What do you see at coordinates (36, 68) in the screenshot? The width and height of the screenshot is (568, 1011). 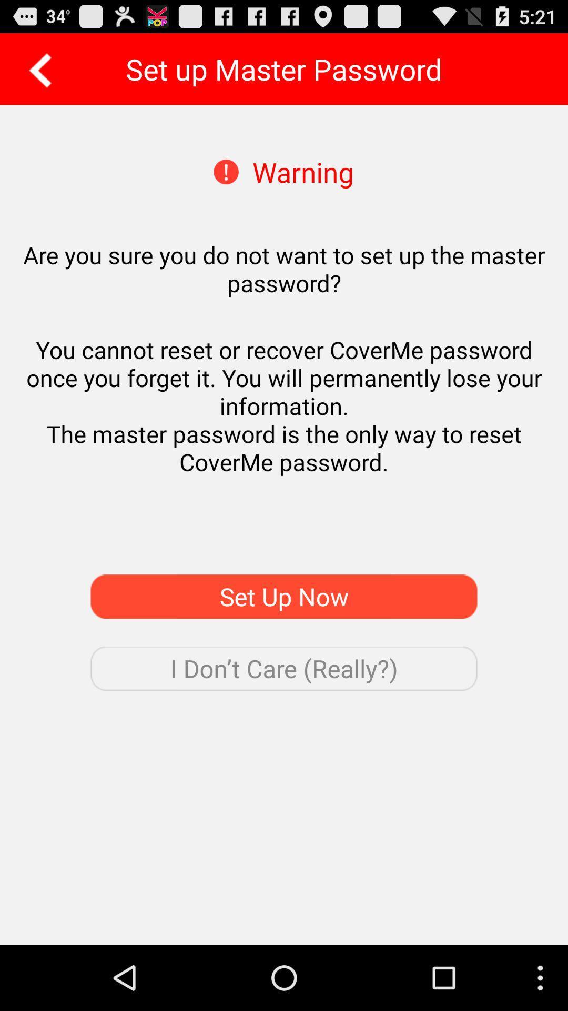 I see `previous page` at bounding box center [36, 68].